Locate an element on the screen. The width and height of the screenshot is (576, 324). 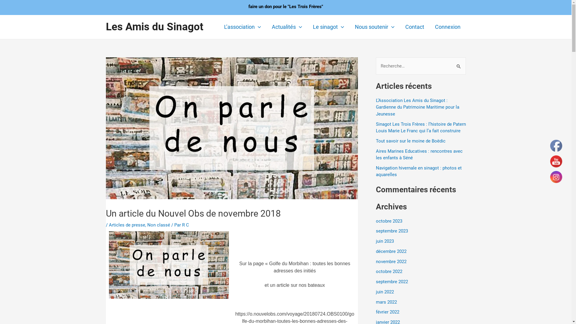
'juin 2022' is located at coordinates (384, 291).